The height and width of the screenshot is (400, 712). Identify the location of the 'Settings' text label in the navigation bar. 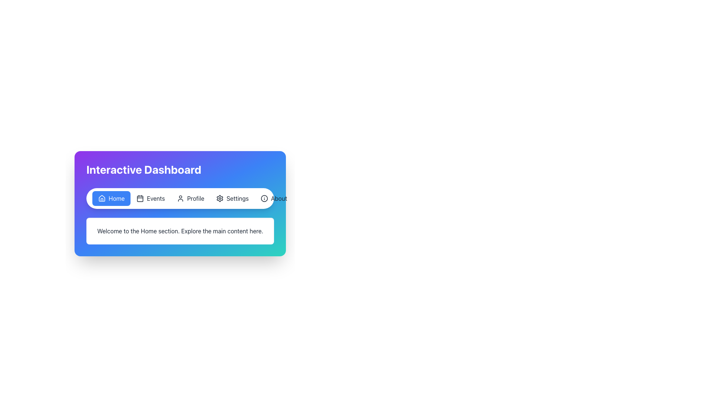
(237, 198).